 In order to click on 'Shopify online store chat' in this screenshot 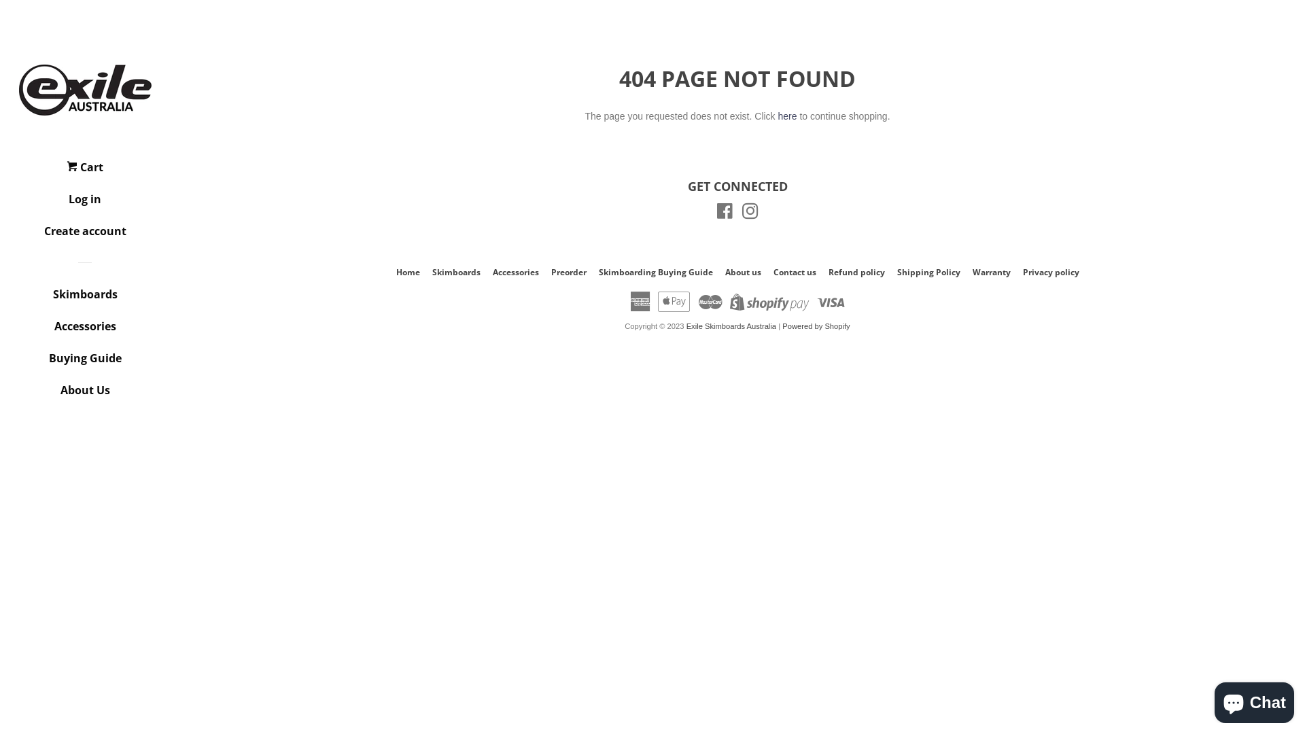, I will do `click(1210, 699)`.